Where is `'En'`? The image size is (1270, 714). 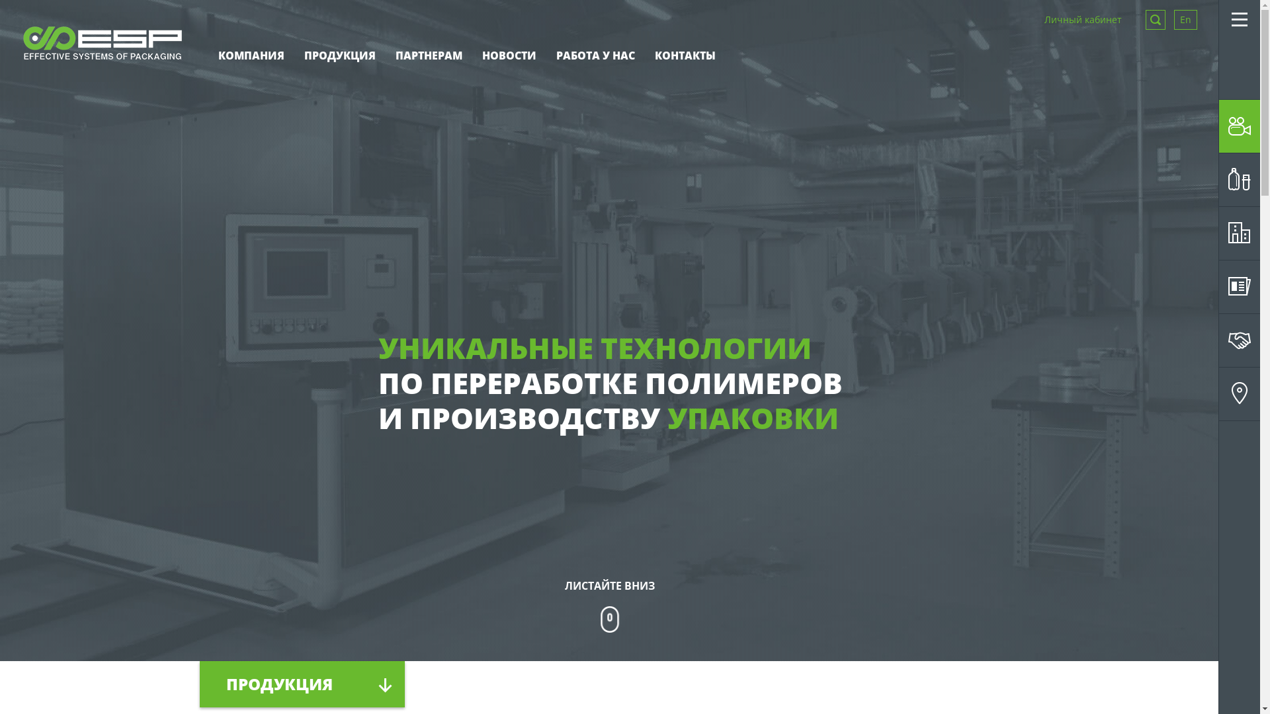
'En' is located at coordinates (1185, 20).